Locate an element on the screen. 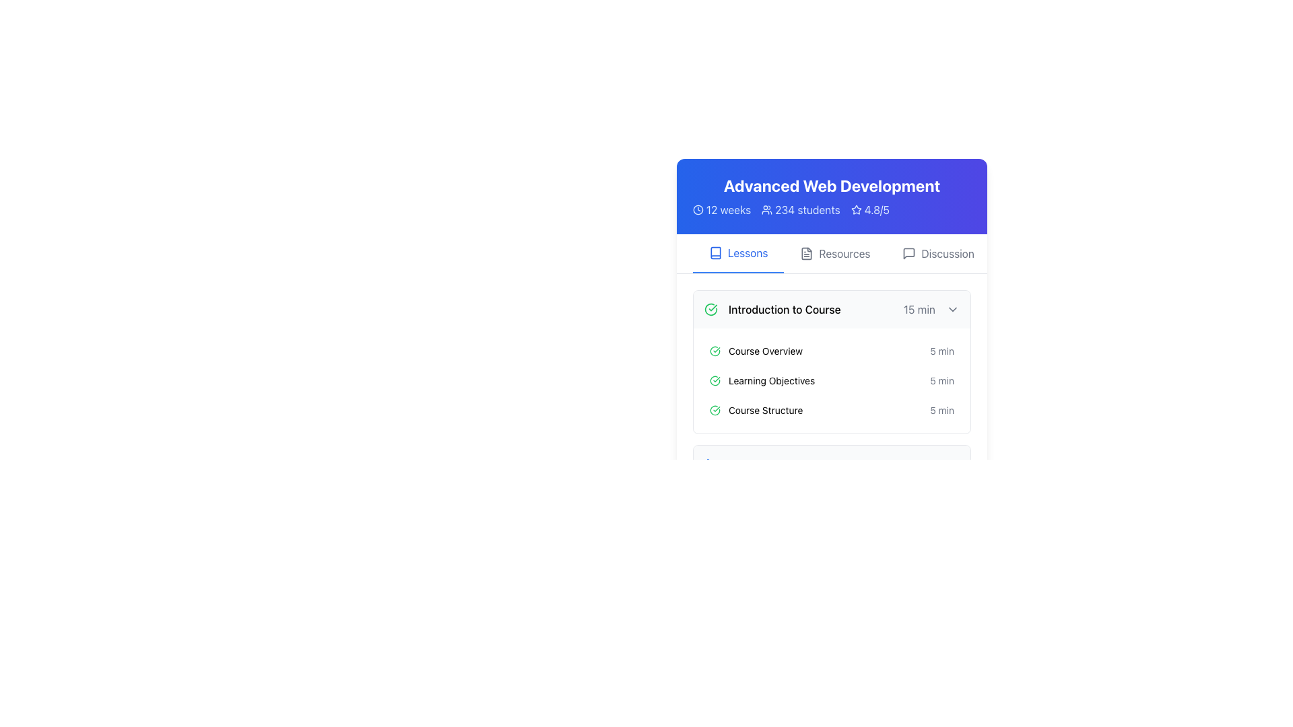 This screenshot has height=727, width=1293. the sub-topic module within the course syllabus, which is located below the 'Course Overview' entry and above the 'Course Structure' entry in the 'Introduction to Course' section is located at coordinates (831, 381).